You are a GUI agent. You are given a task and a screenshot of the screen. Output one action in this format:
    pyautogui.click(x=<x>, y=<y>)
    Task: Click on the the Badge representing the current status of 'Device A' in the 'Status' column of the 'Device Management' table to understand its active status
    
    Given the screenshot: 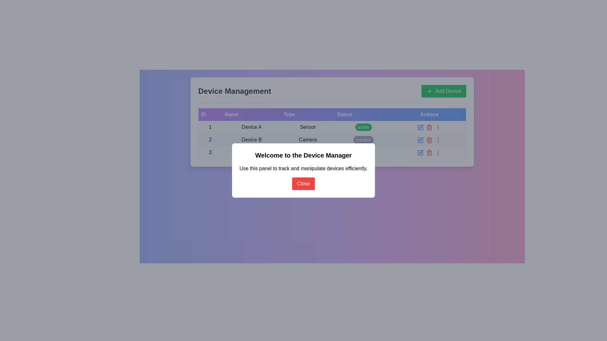 What is the action you would take?
    pyautogui.click(x=364, y=127)
    